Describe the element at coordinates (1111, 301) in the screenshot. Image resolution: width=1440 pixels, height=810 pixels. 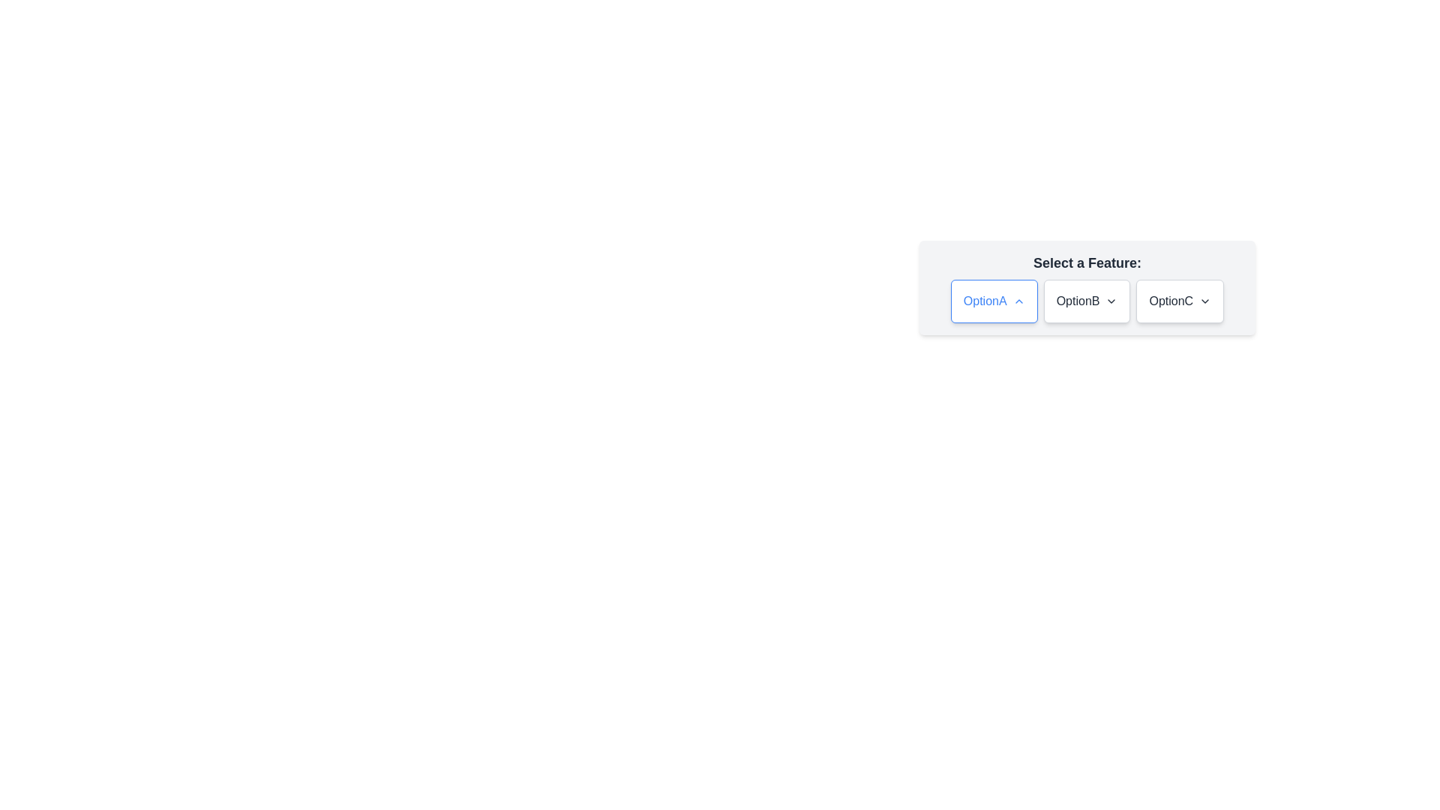
I see `the downward-facing chevron icon next to the label 'OptionB'` at that location.